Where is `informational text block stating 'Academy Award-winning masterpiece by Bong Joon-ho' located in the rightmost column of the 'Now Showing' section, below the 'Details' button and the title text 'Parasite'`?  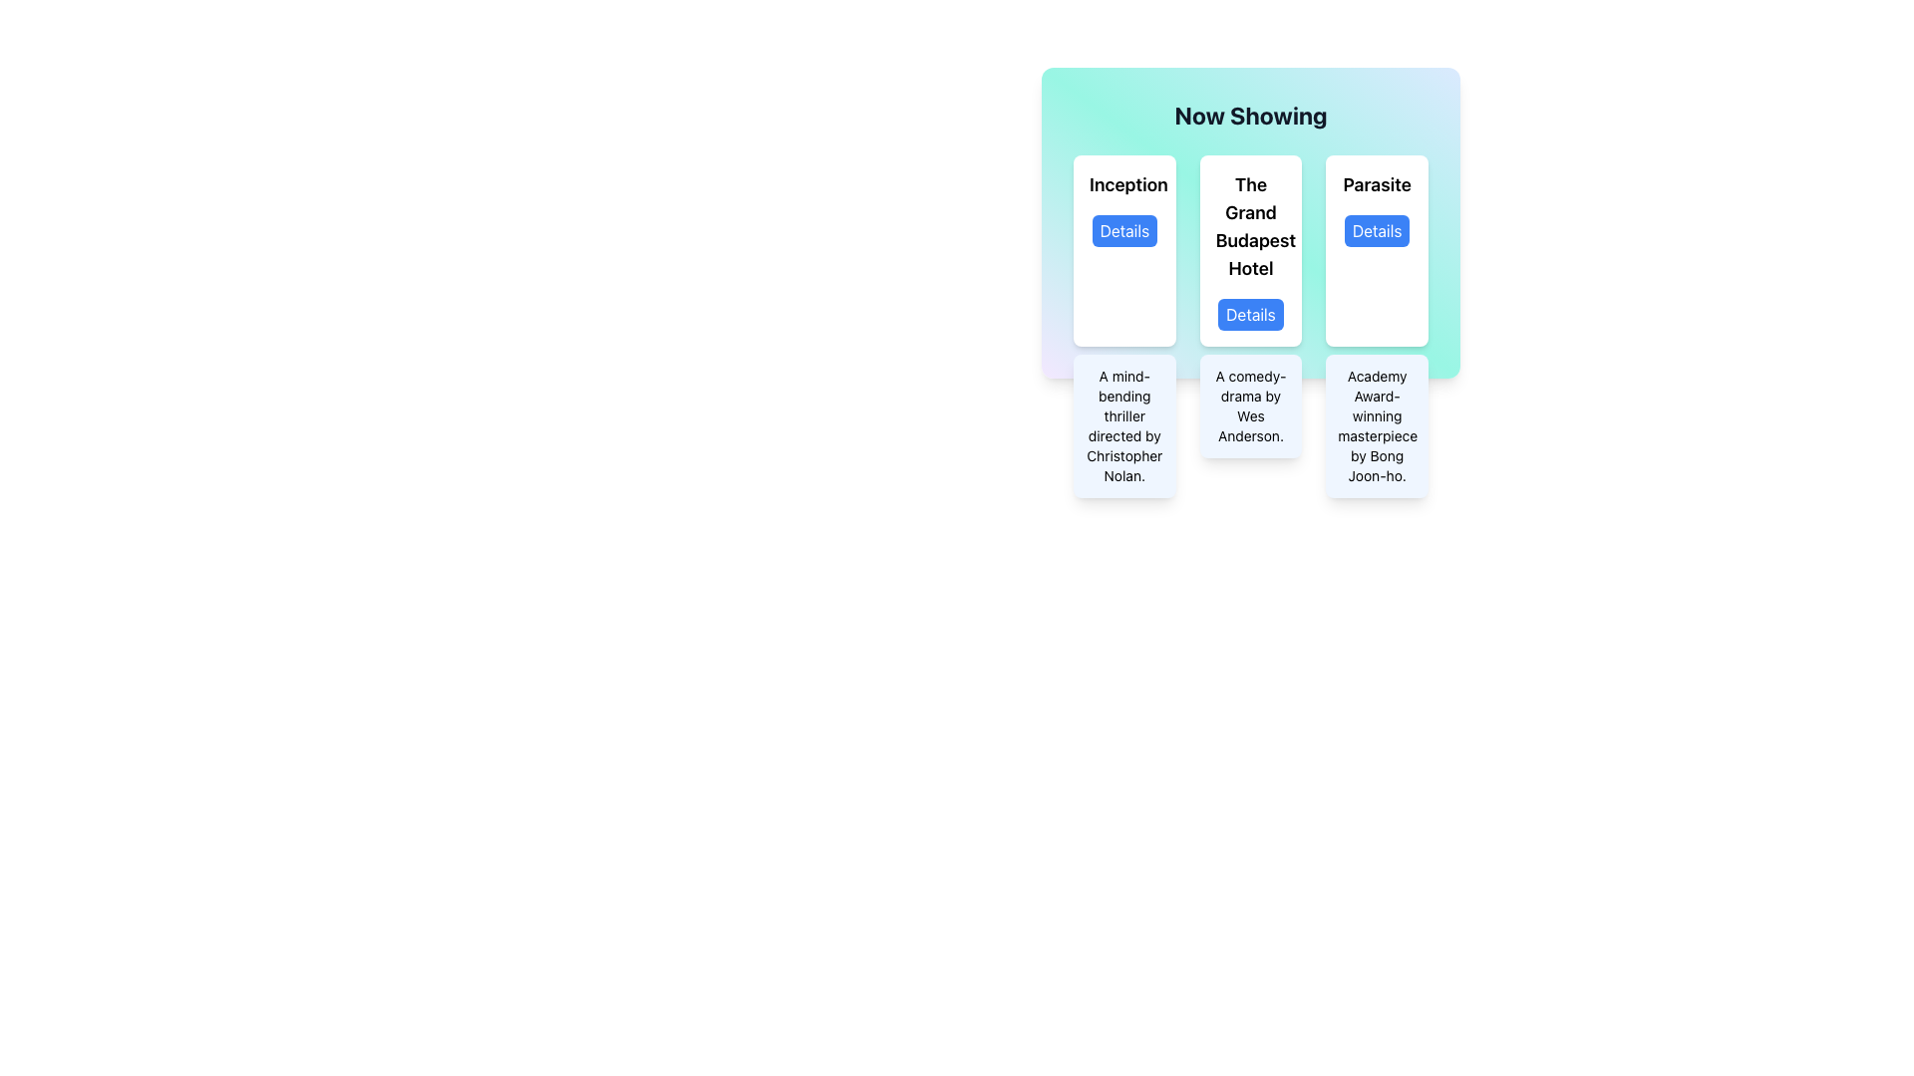 informational text block stating 'Academy Award-winning masterpiece by Bong Joon-ho' located in the rightmost column of the 'Now Showing' section, below the 'Details' button and the title text 'Parasite' is located at coordinates (1376, 425).